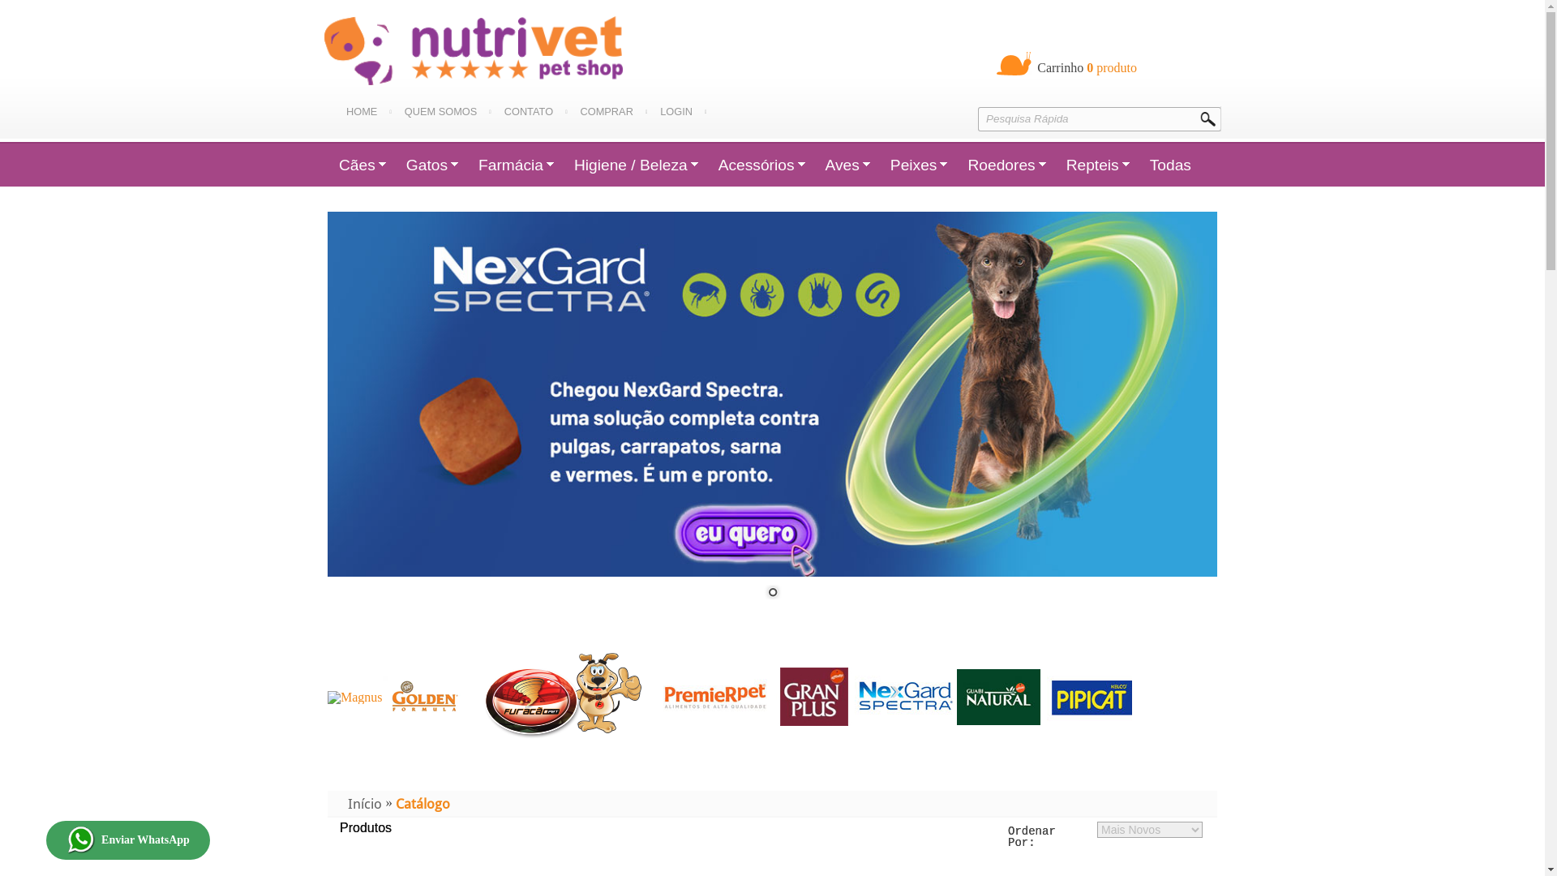  Describe the element at coordinates (127, 839) in the screenshot. I see `'Enviar WhatsApp'` at that location.